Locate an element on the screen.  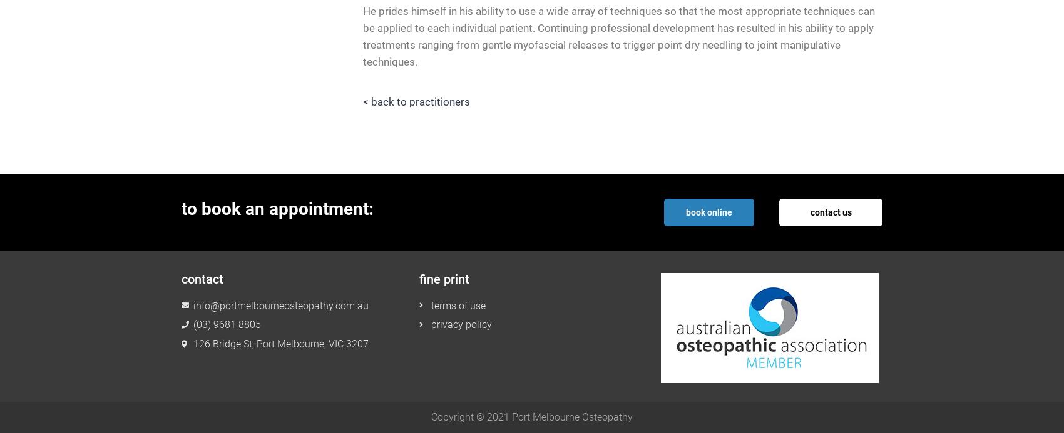
'terms of use' is located at coordinates (458, 304).